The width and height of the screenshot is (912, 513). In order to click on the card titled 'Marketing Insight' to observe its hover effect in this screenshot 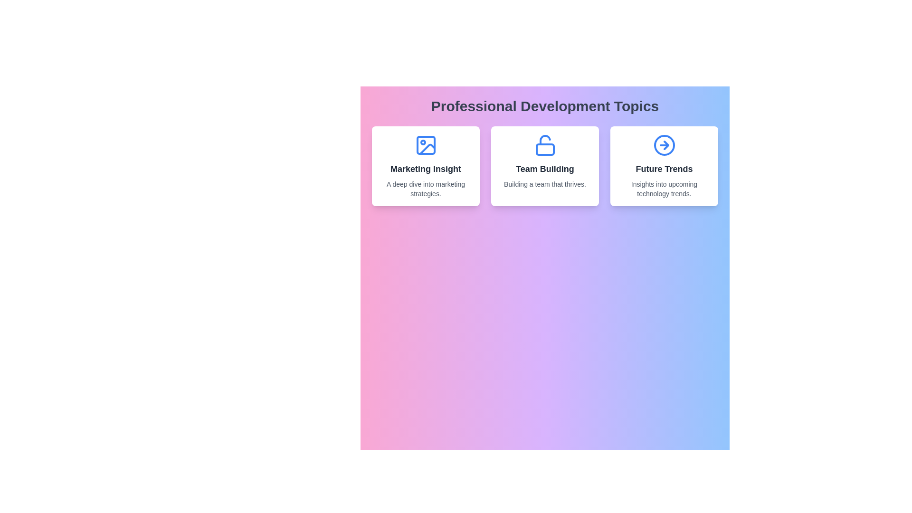, I will do `click(425, 166)`.